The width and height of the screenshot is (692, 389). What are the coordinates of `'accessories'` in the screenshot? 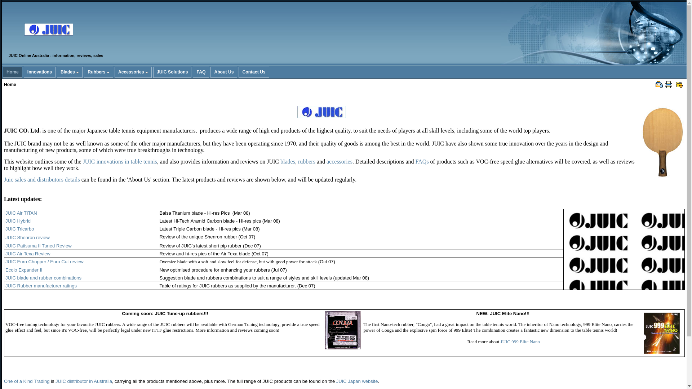 It's located at (339, 161).